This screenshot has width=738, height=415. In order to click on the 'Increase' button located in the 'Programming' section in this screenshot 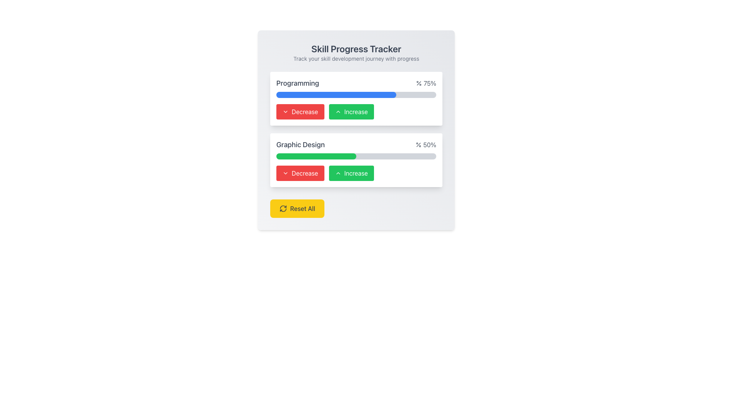, I will do `click(356, 111)`.